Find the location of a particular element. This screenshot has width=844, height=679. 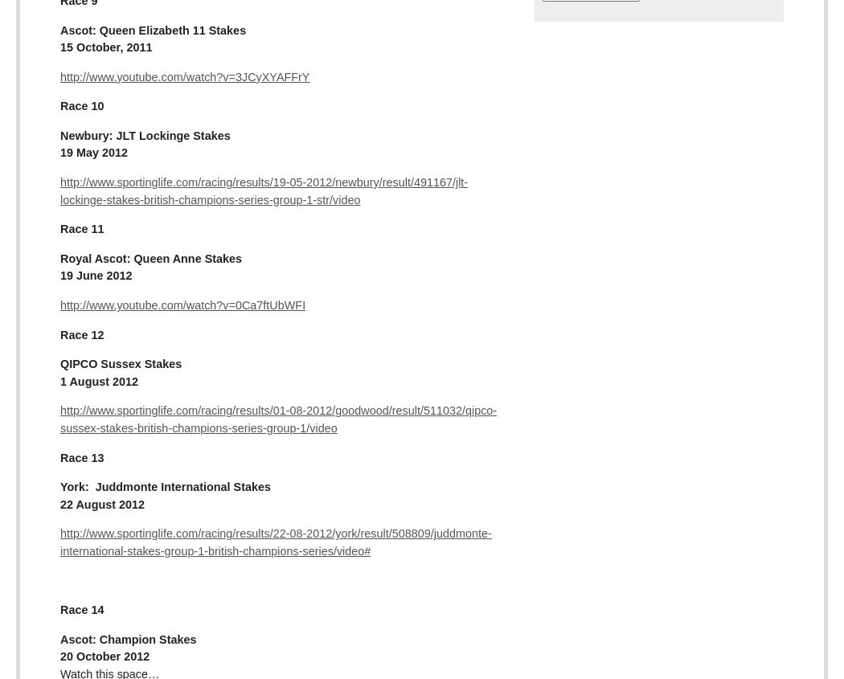

'20 October 2012' is located at coordinates (104, 657).